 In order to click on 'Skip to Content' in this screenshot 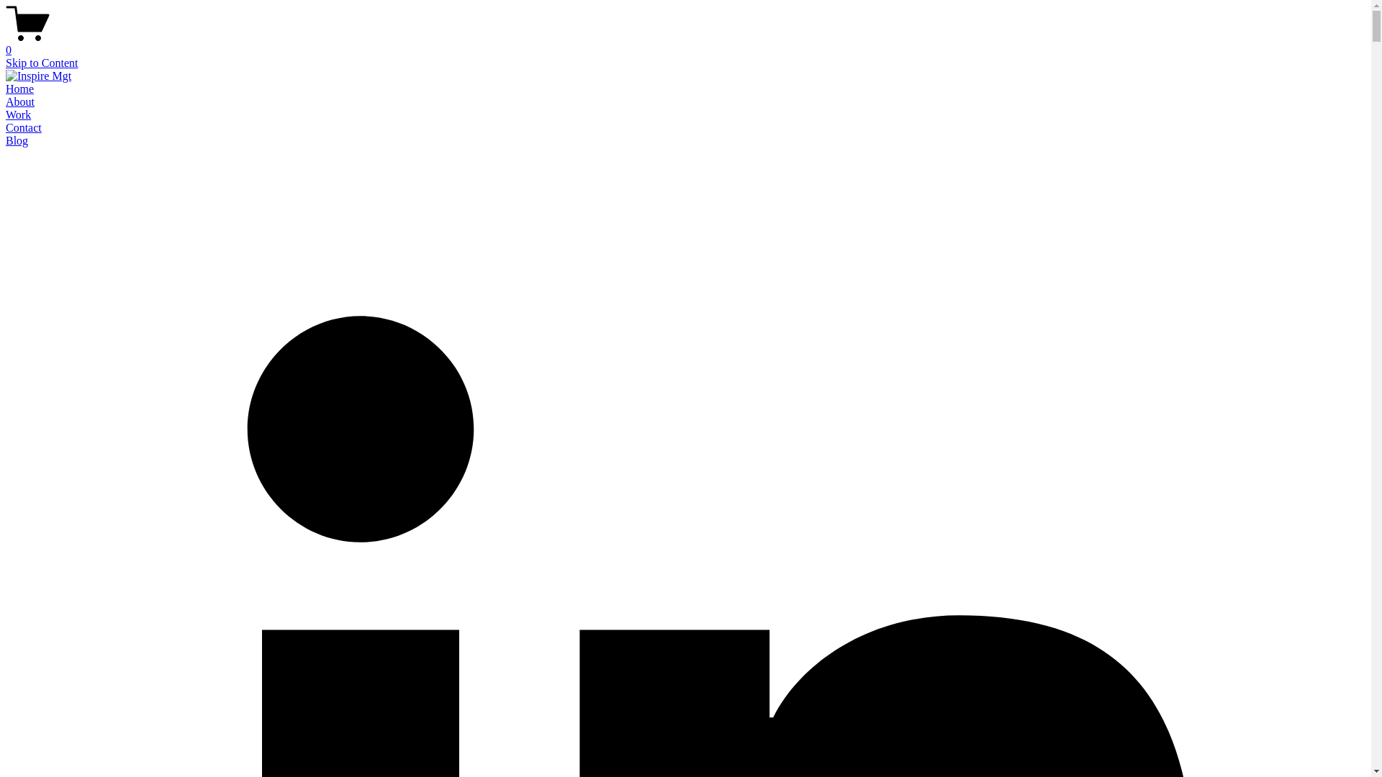, I will do `click(41, 62)`.